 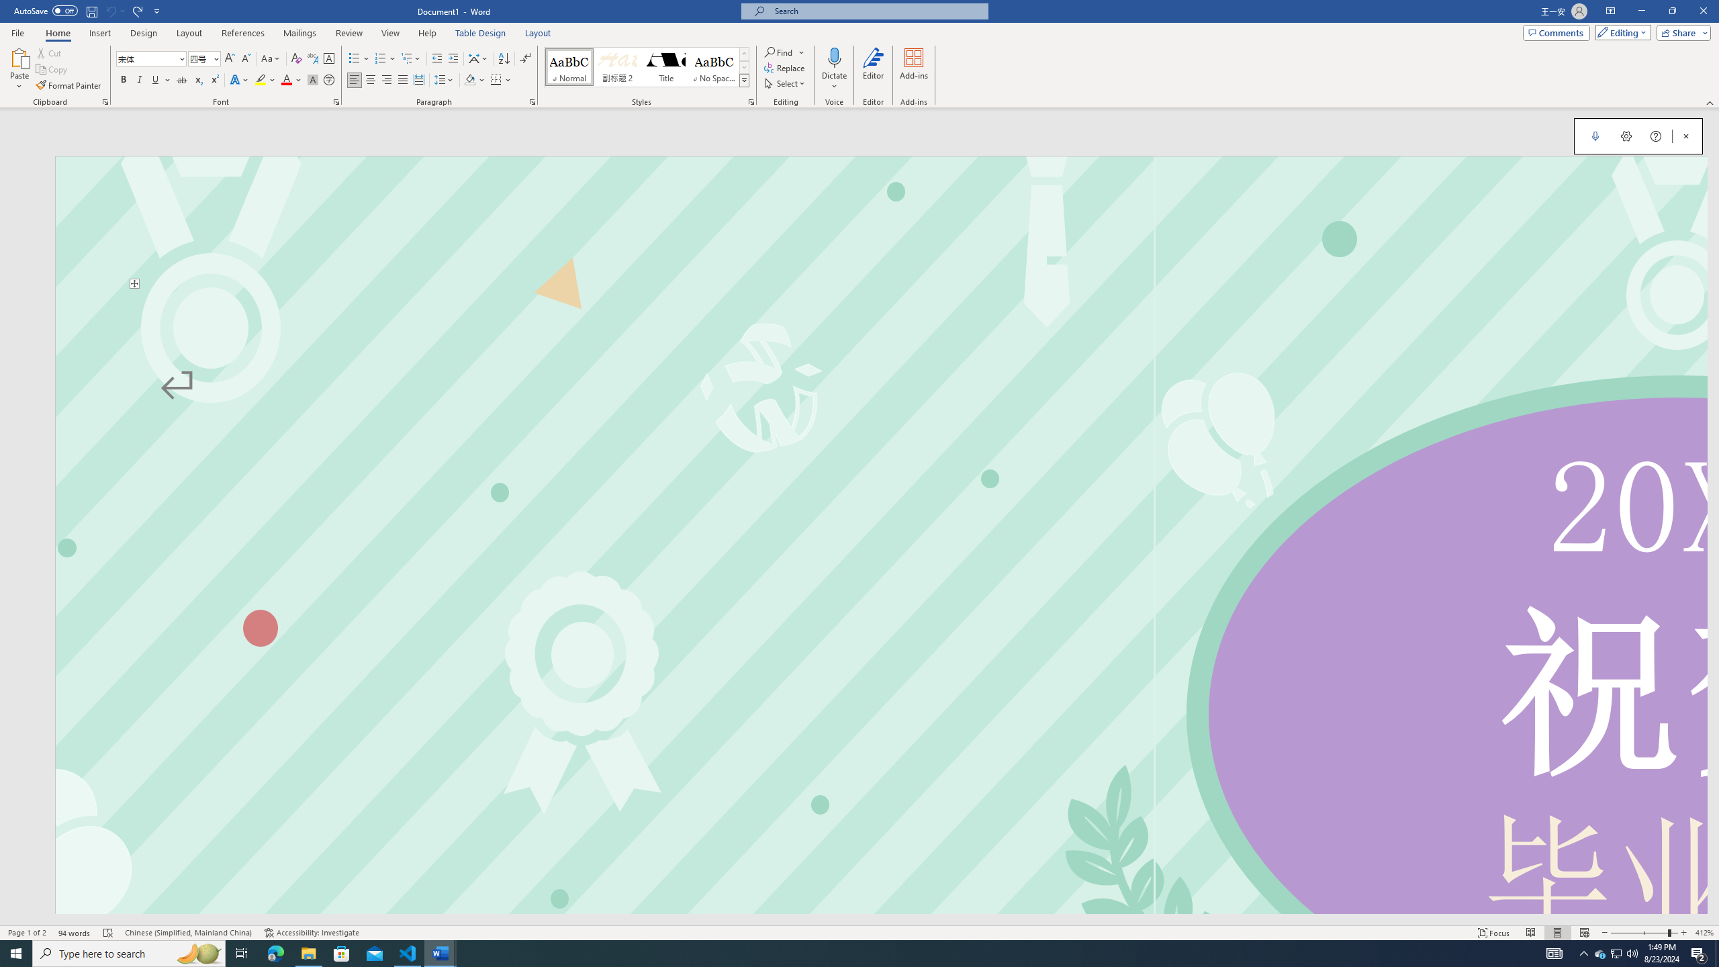 I want to click on 'System', so click(x=7, y=6).